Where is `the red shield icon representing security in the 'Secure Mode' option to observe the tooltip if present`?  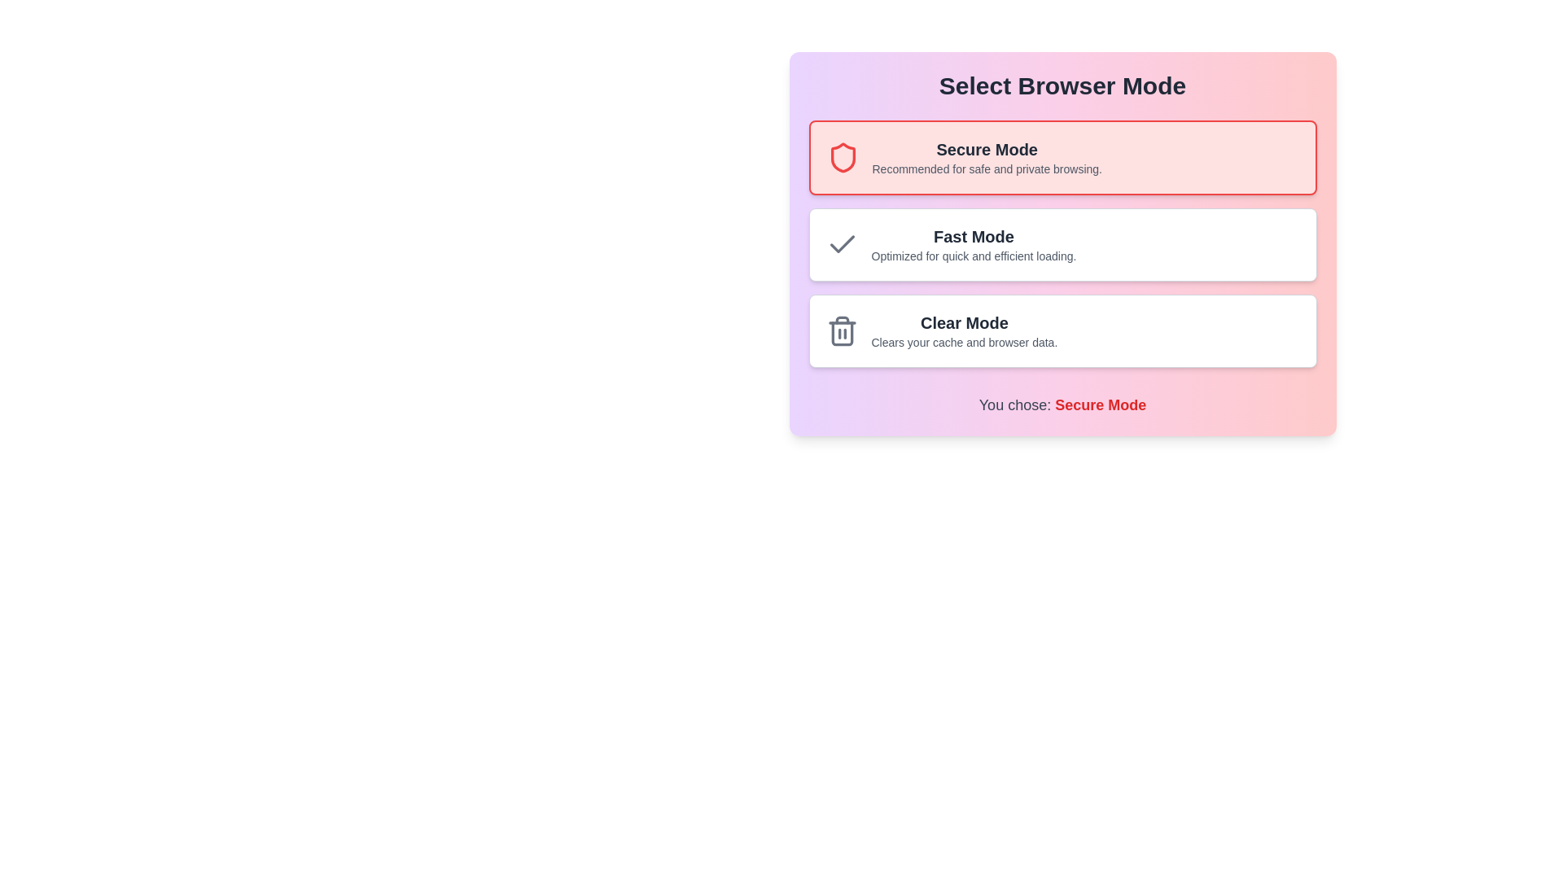 the red shield icon representing security in the 'Secure Mode' option to observe the tooltip if present is located at coordinates (843, 157).